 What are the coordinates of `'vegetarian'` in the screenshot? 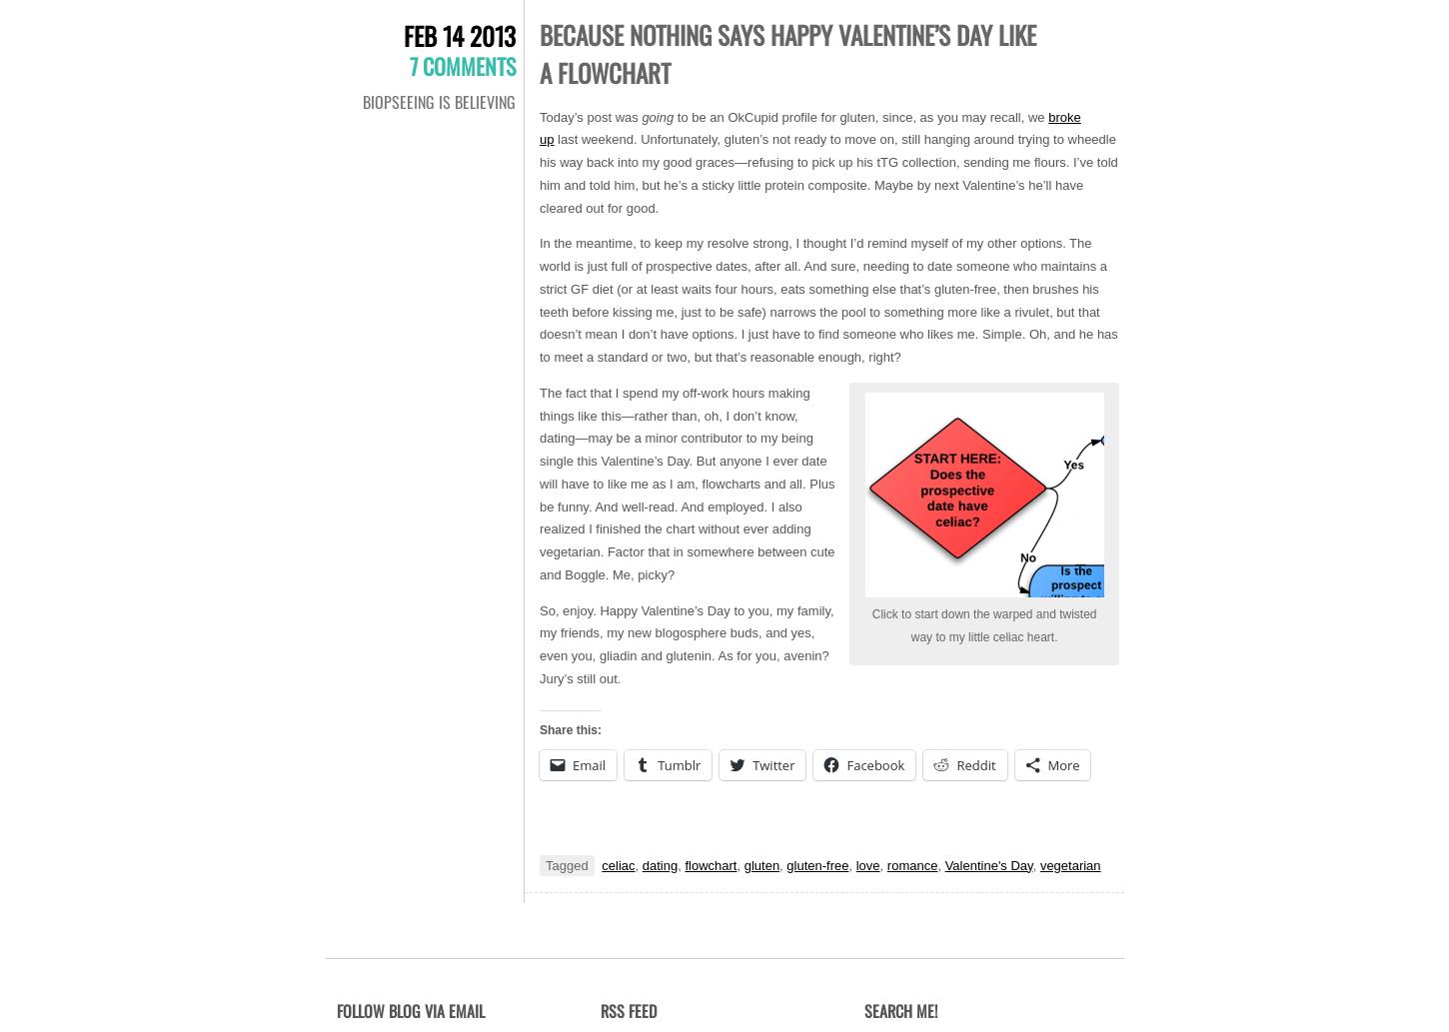 It's located at (1069, 863).